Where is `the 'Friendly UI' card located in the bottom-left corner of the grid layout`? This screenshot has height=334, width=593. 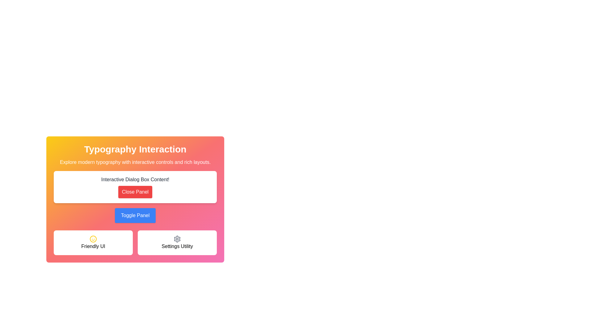 the 'Friendly UI' card located in the bottom-left corner of the grid layout is located at coordinates (93, 242).